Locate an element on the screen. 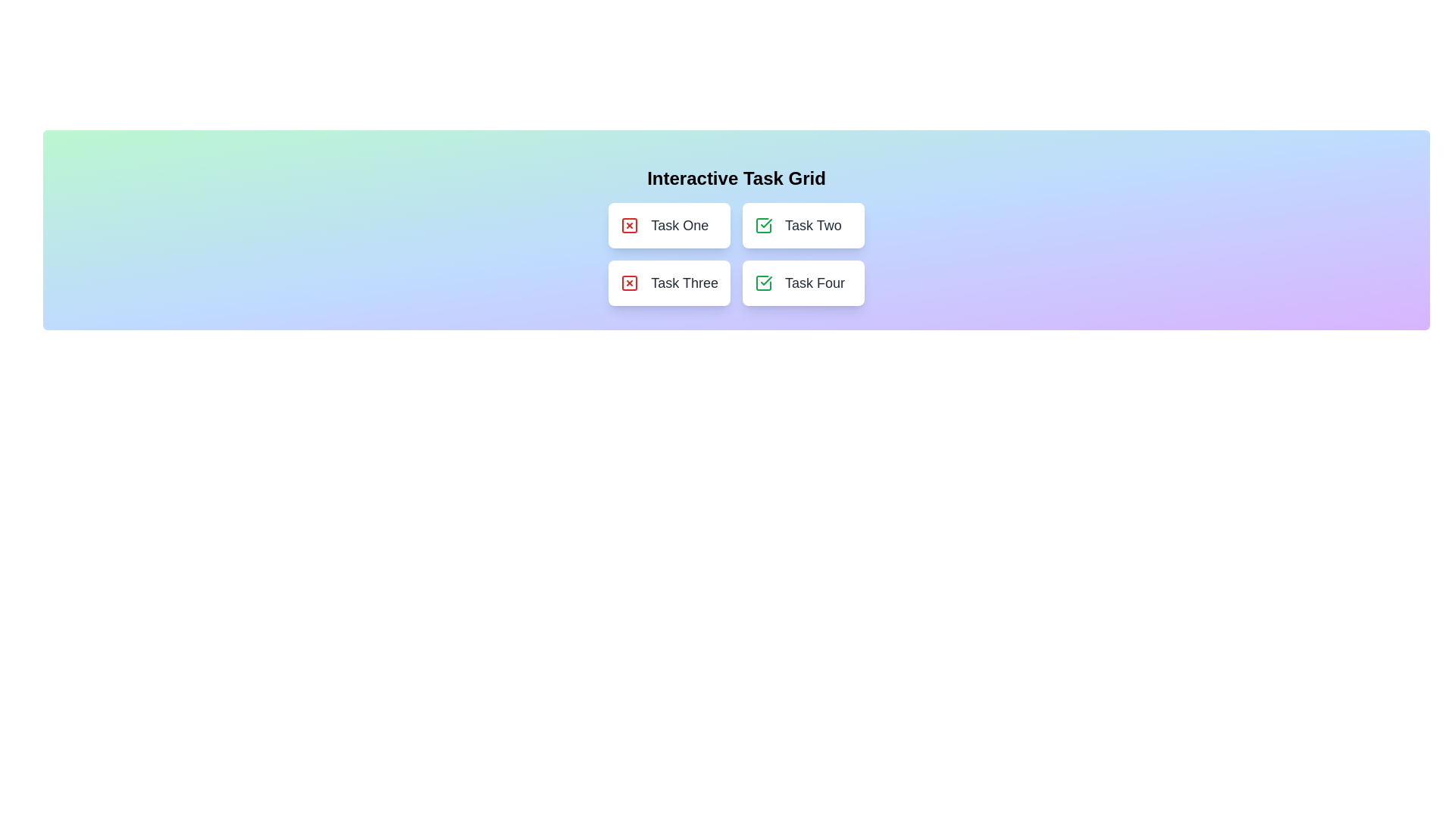  the button corresponding to Task One to toggle its status is located at coordinates (668, 225).